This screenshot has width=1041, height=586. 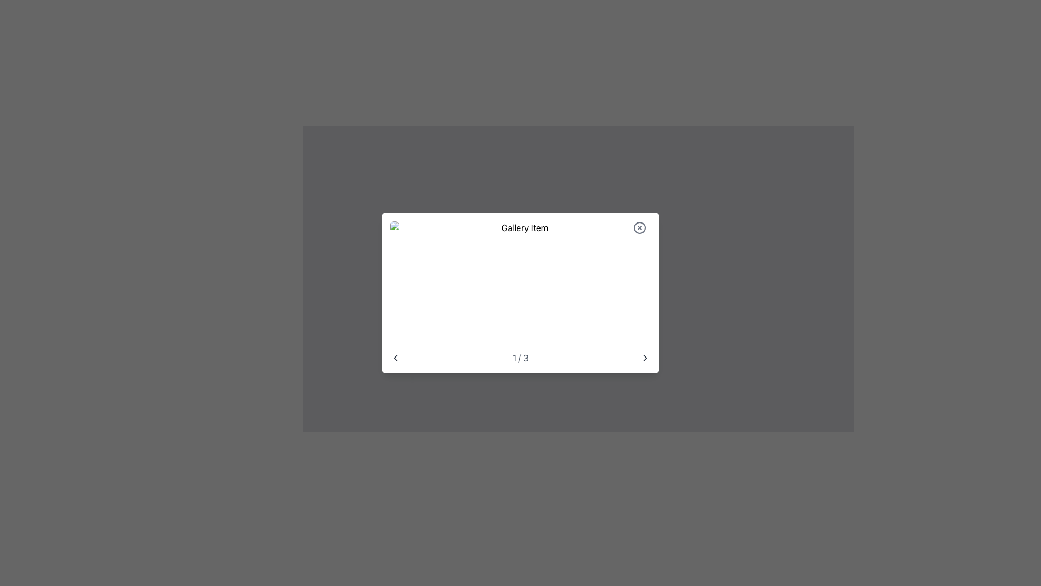 What do you see at coordinates (645, 358) in the screenshot?
I see `the pagination control button located at the far right of the navigation section, adjacent to the pagination text '1 / 3'` at bounding box center [645, 358].